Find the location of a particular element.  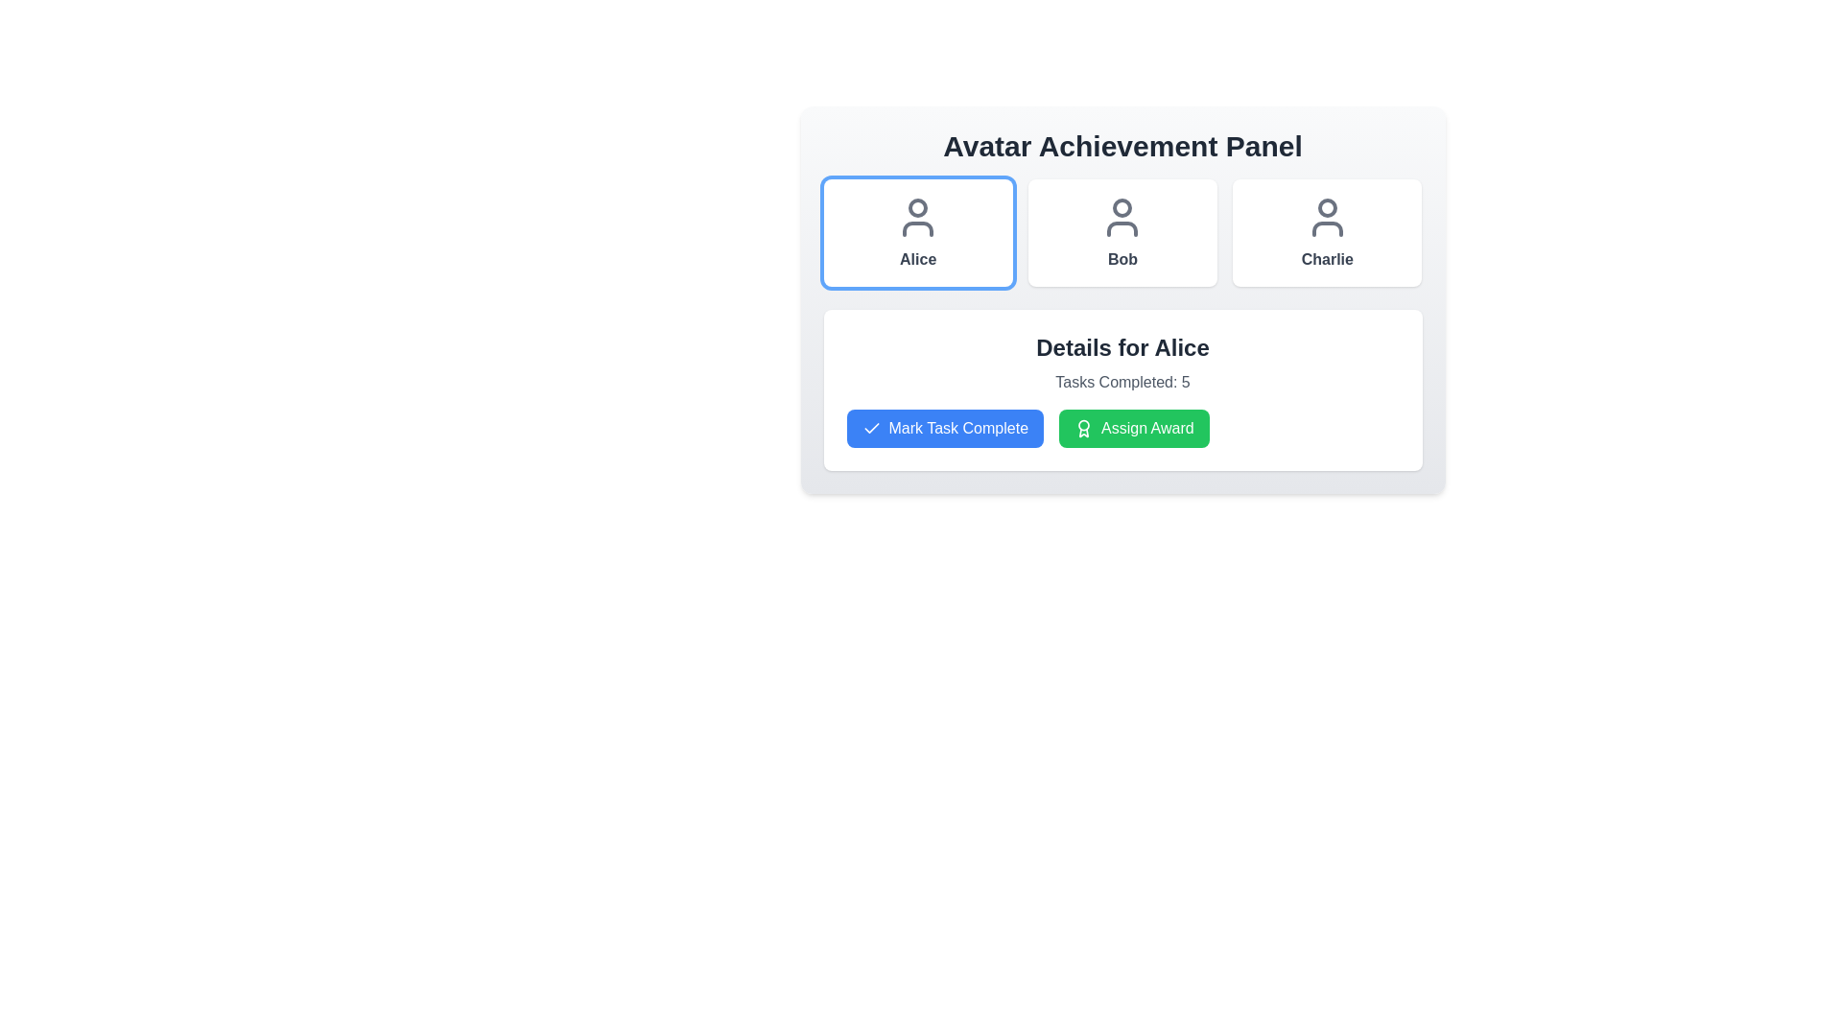

the circular red marker positioned above the head of the avatar in the 'Alice' section of the 'Avatar Achievement Panel' is located at coordinates (917, 207).